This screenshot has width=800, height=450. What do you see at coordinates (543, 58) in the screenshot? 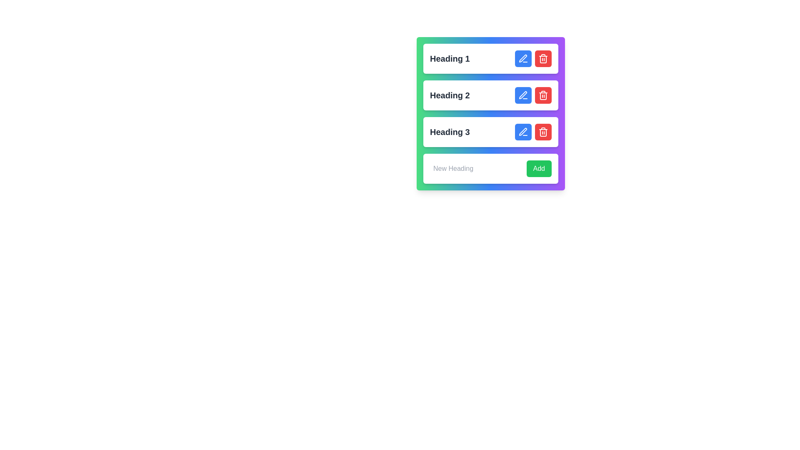
I see `the second button in the row adjacent to the 'Heading 1' label` at bounding box center [543, 58].